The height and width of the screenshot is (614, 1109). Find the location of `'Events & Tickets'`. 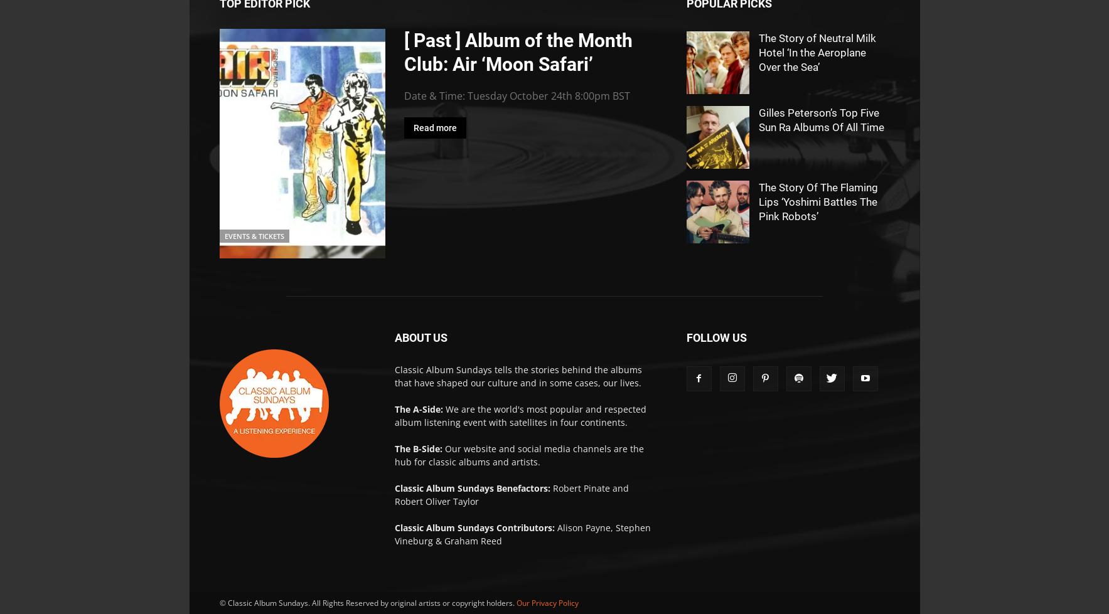

'Events & Tickets' is located at coordinates (223, 236).